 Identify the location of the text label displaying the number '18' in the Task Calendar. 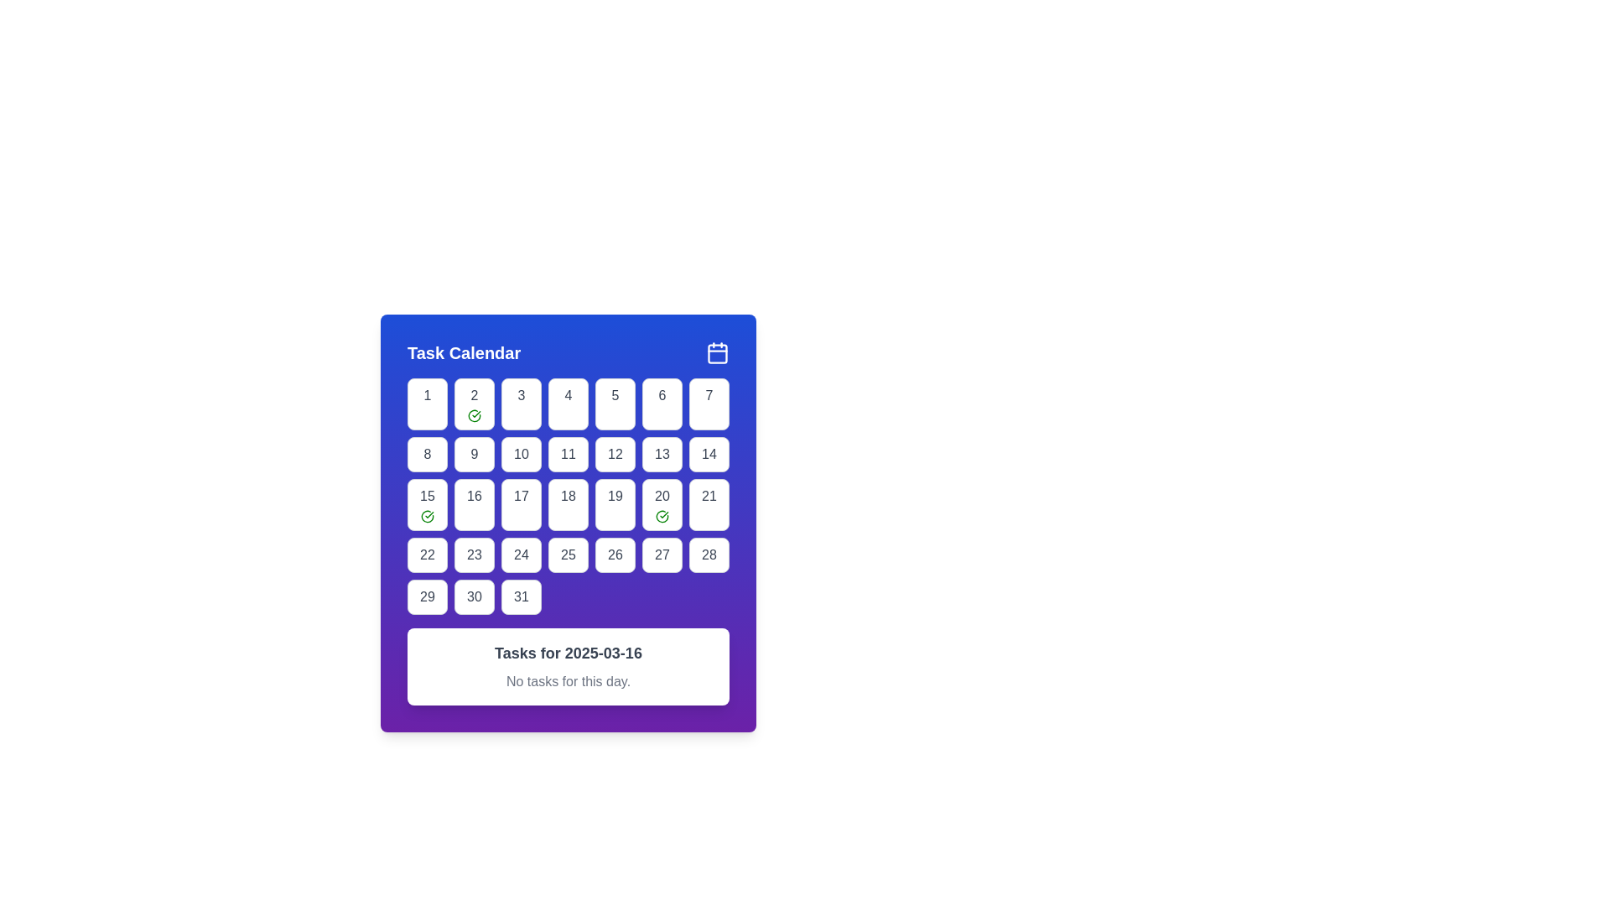
(568, 495).